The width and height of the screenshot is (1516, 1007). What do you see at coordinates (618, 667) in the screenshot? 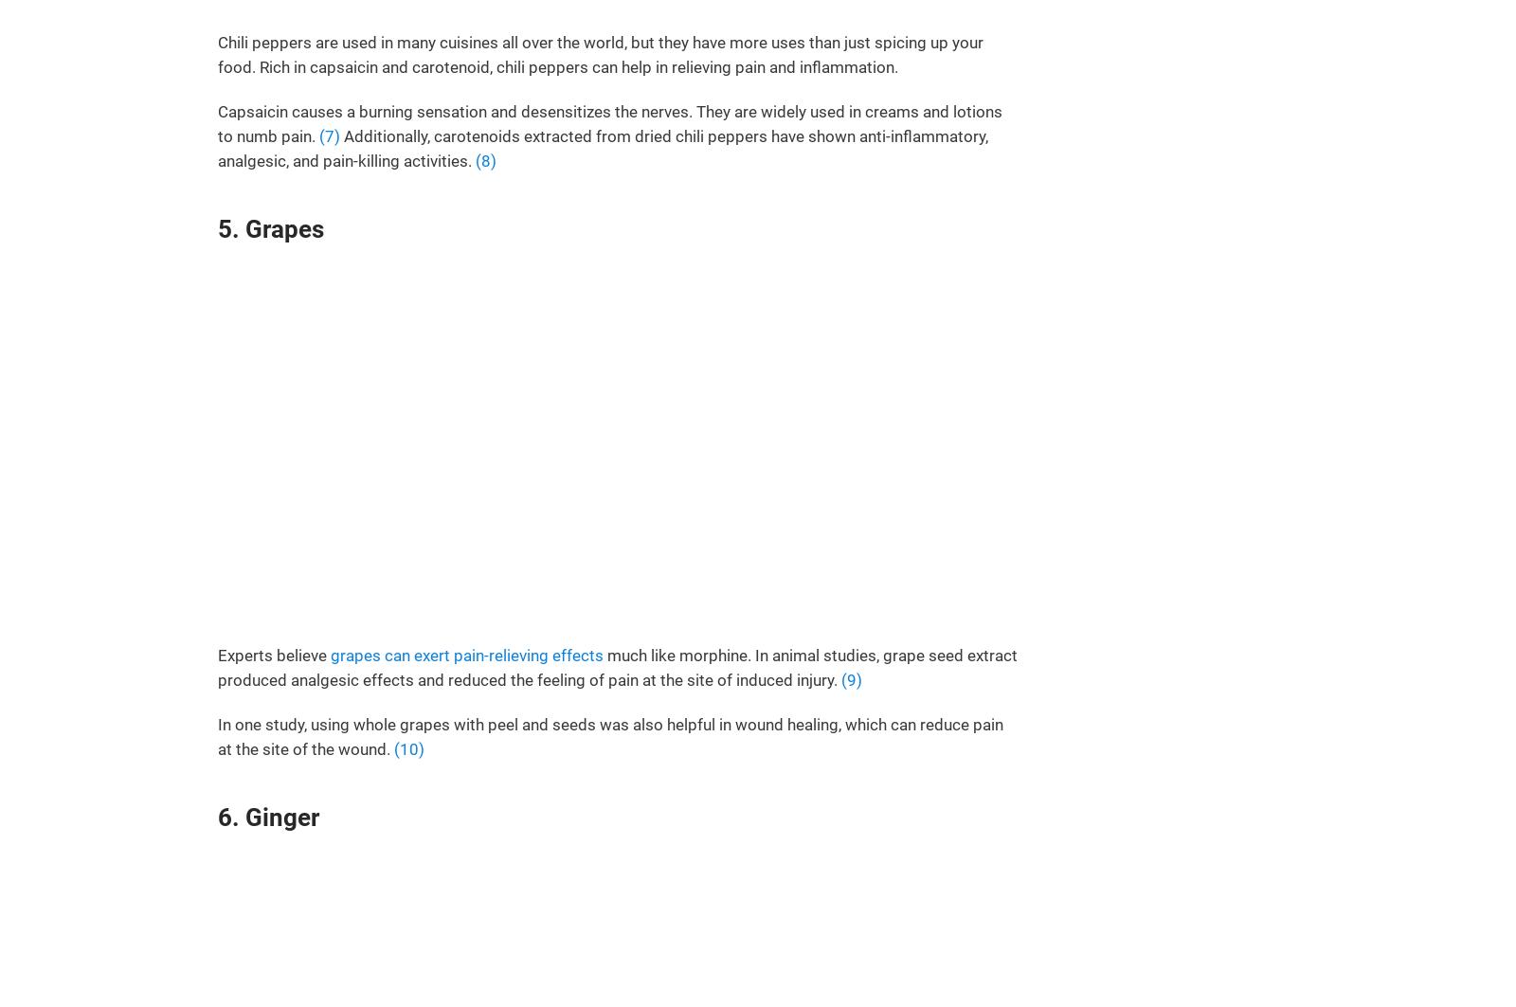
I see `'much like morphine. In animal studies, grape seed extract produced analgesic effects and reduced the feeling of pain at the site of induced injury.'` at bounding box center [618, 667].